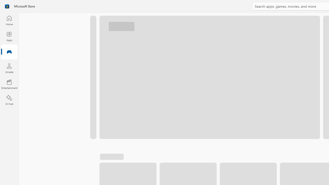 The image size is (329, 185). Describe the element at coordinates (9, 36) in the screenshot. I see `'Apps'` at that location.